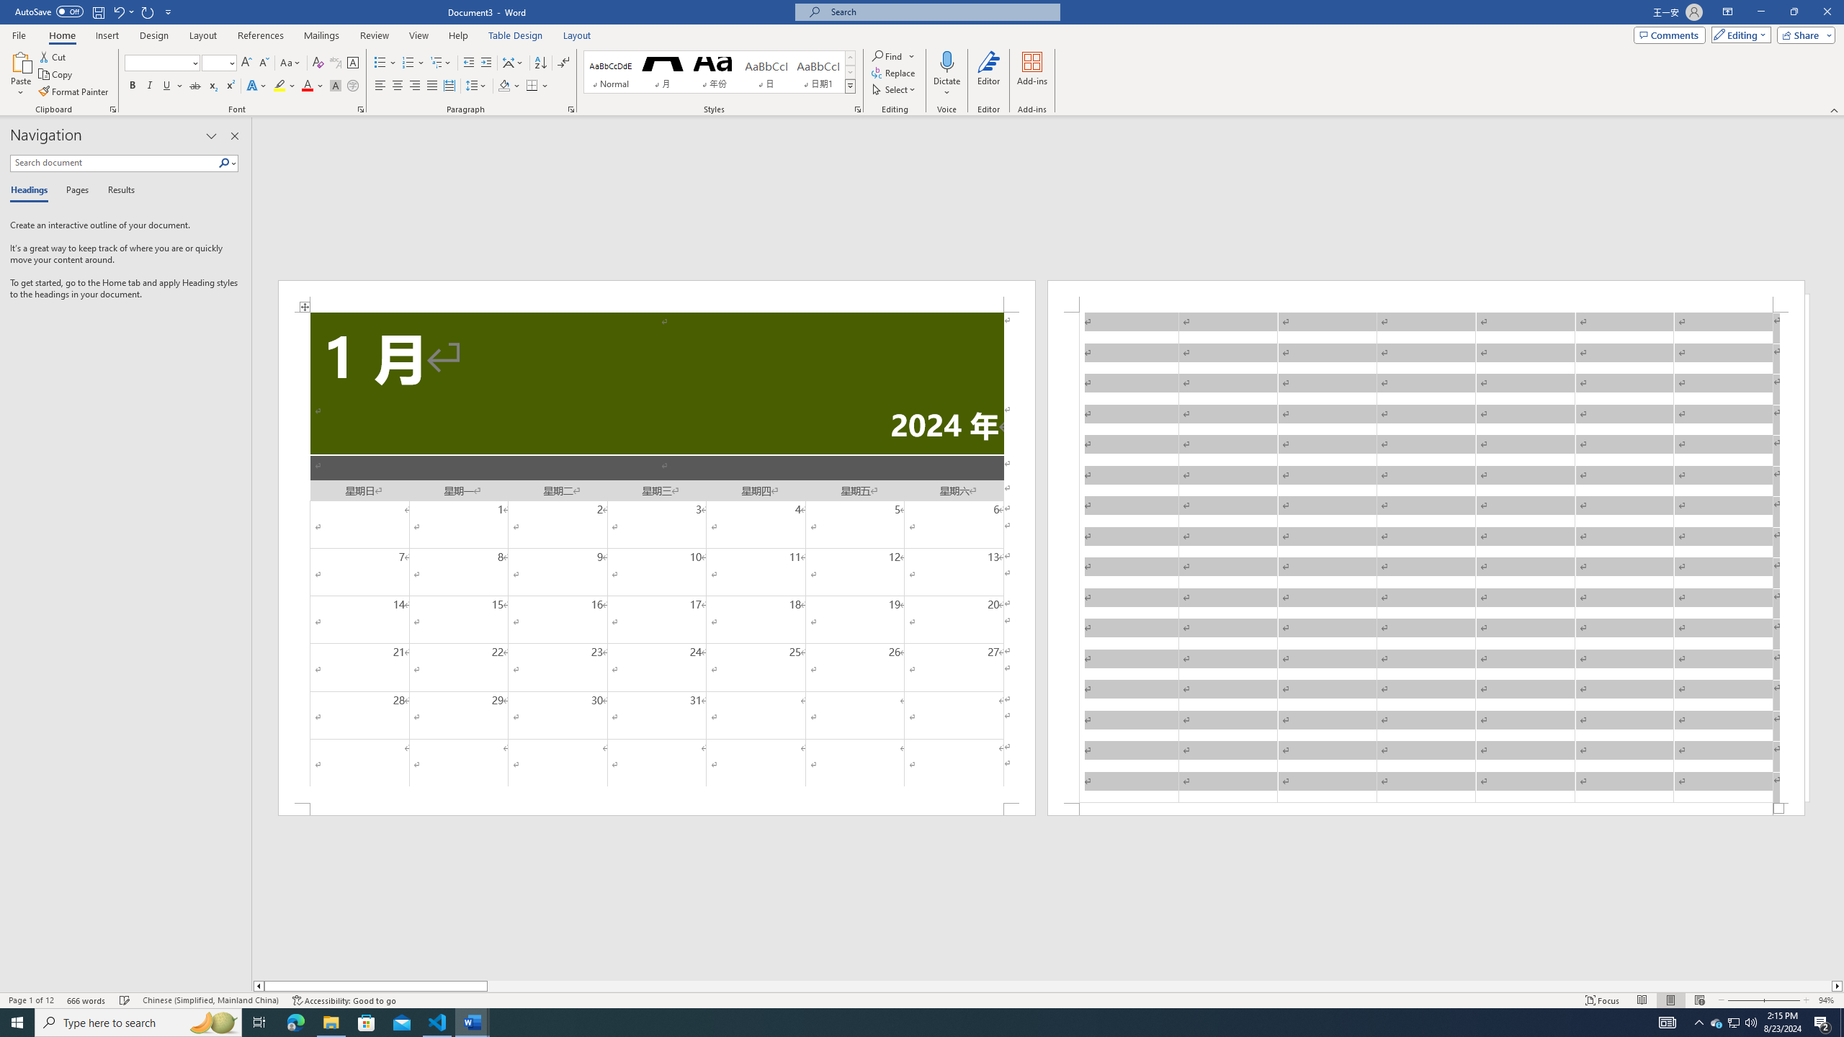  Describe the element at coordinates (478, 85) in the screenshot. I see `'Line and Paragraph Spacing'` at that location.